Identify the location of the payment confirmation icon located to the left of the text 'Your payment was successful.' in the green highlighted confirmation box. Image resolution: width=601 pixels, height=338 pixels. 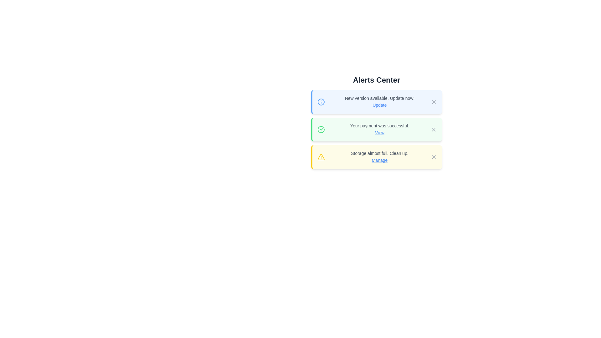
(321, 129).